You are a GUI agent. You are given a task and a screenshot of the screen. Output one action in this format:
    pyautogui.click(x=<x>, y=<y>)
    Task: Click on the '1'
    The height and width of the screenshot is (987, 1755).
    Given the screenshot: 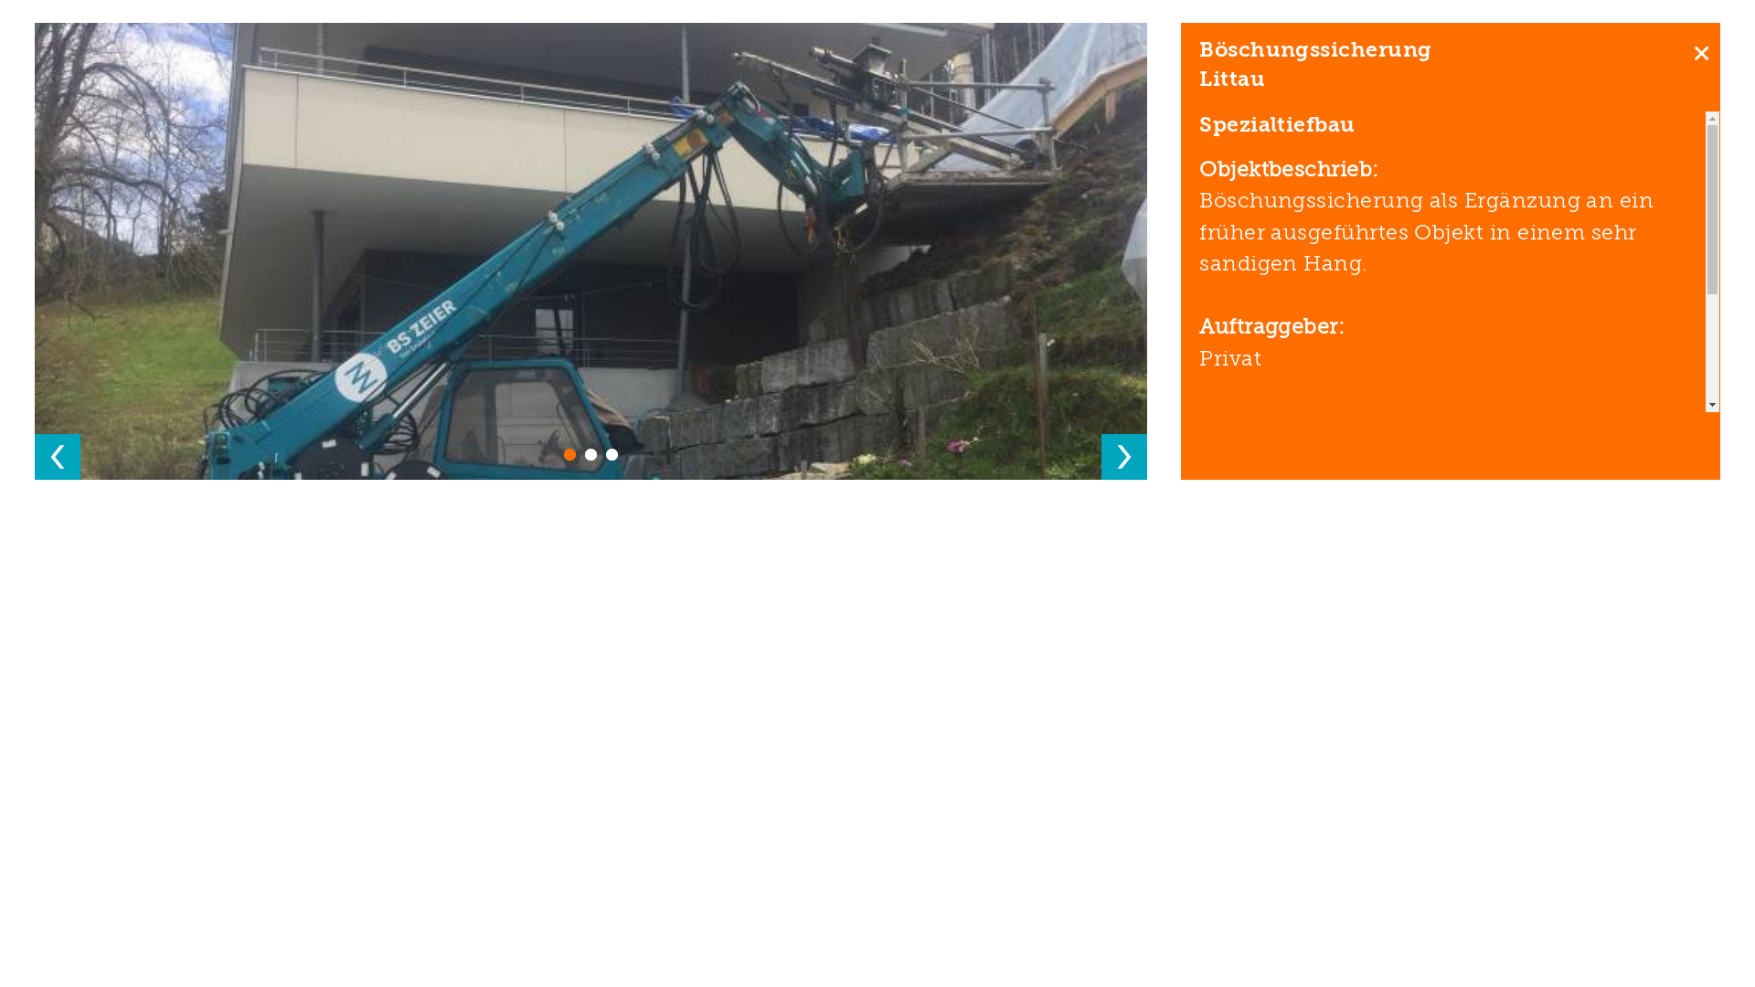 What is the action you would take?
    pyautogui.click(x=569, y=452)
    